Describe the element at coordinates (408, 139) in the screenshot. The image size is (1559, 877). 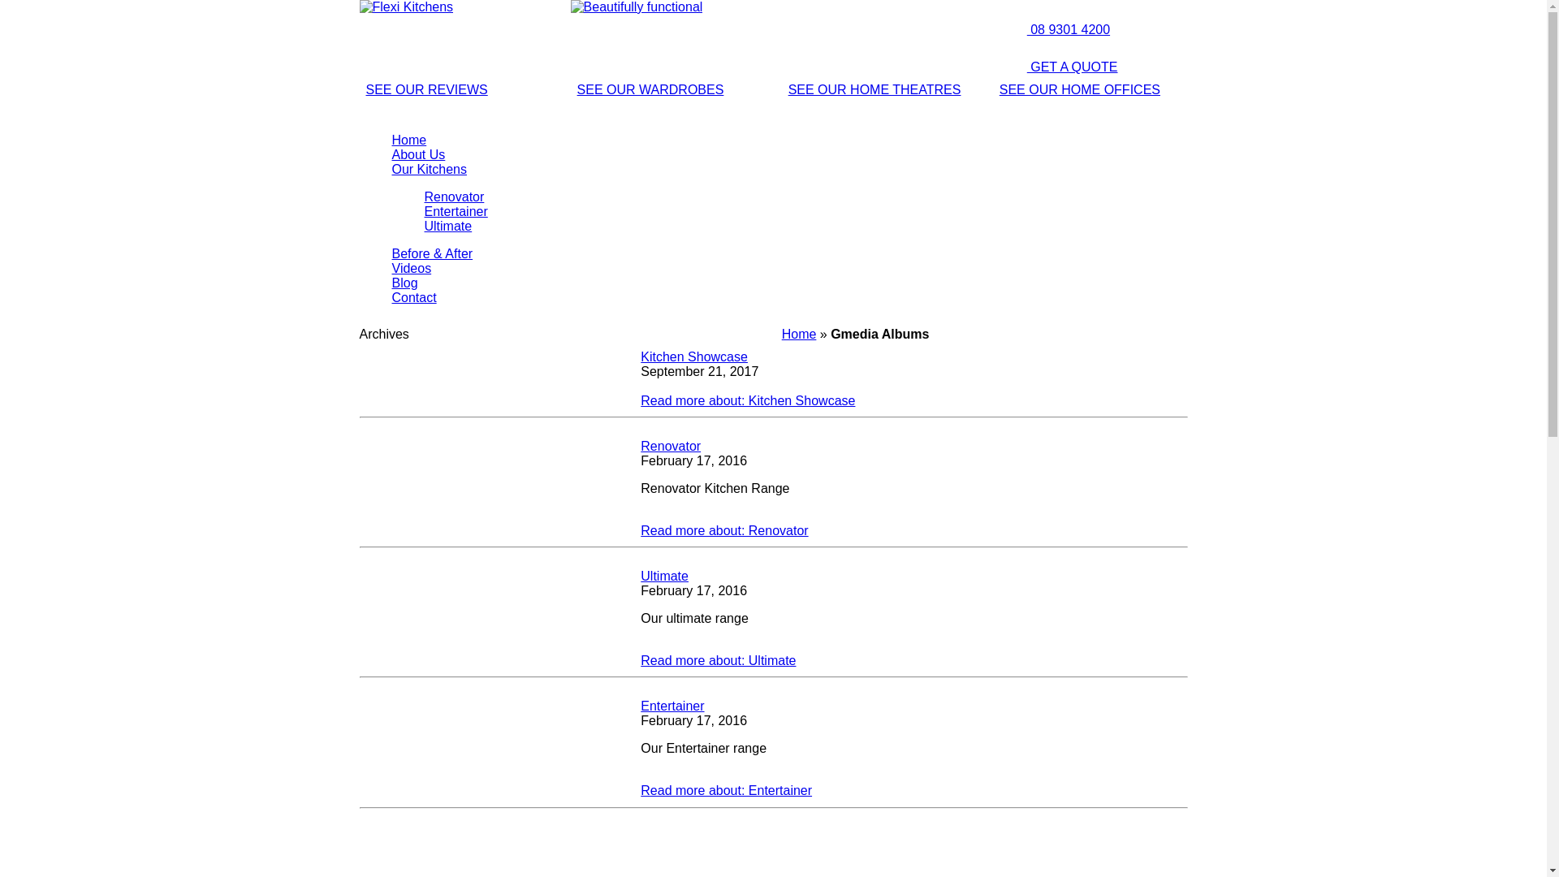
I see `'Home'` at that location.